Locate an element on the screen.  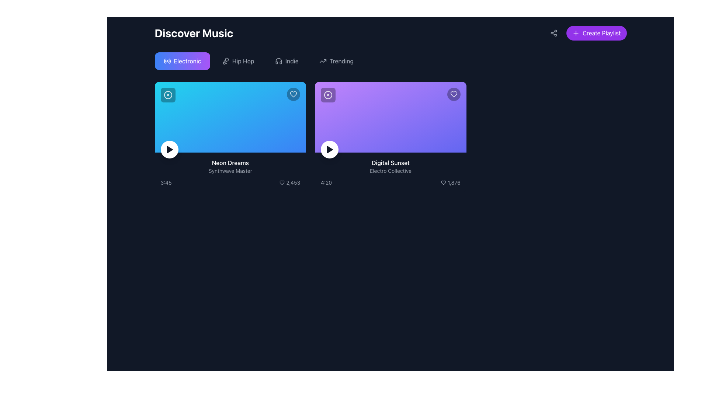
the text label component of the 'Create Playlist' button is located at coordinates (601, 32).